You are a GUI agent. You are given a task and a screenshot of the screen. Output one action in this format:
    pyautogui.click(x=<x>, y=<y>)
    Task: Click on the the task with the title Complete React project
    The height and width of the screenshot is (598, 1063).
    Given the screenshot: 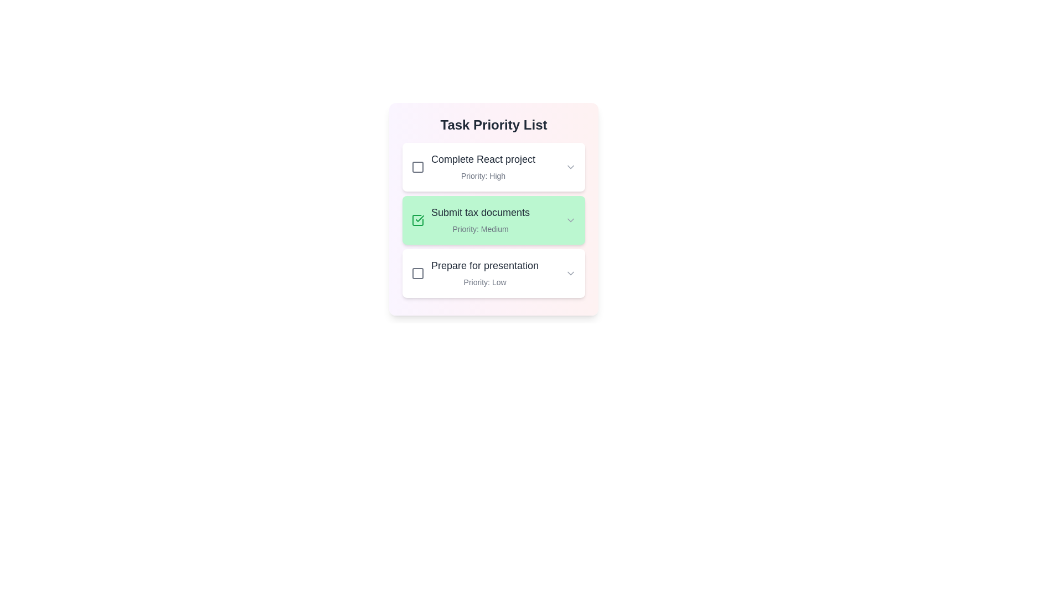 What is the action you would take?
    pyautogui.click(x=493, y=167)
    